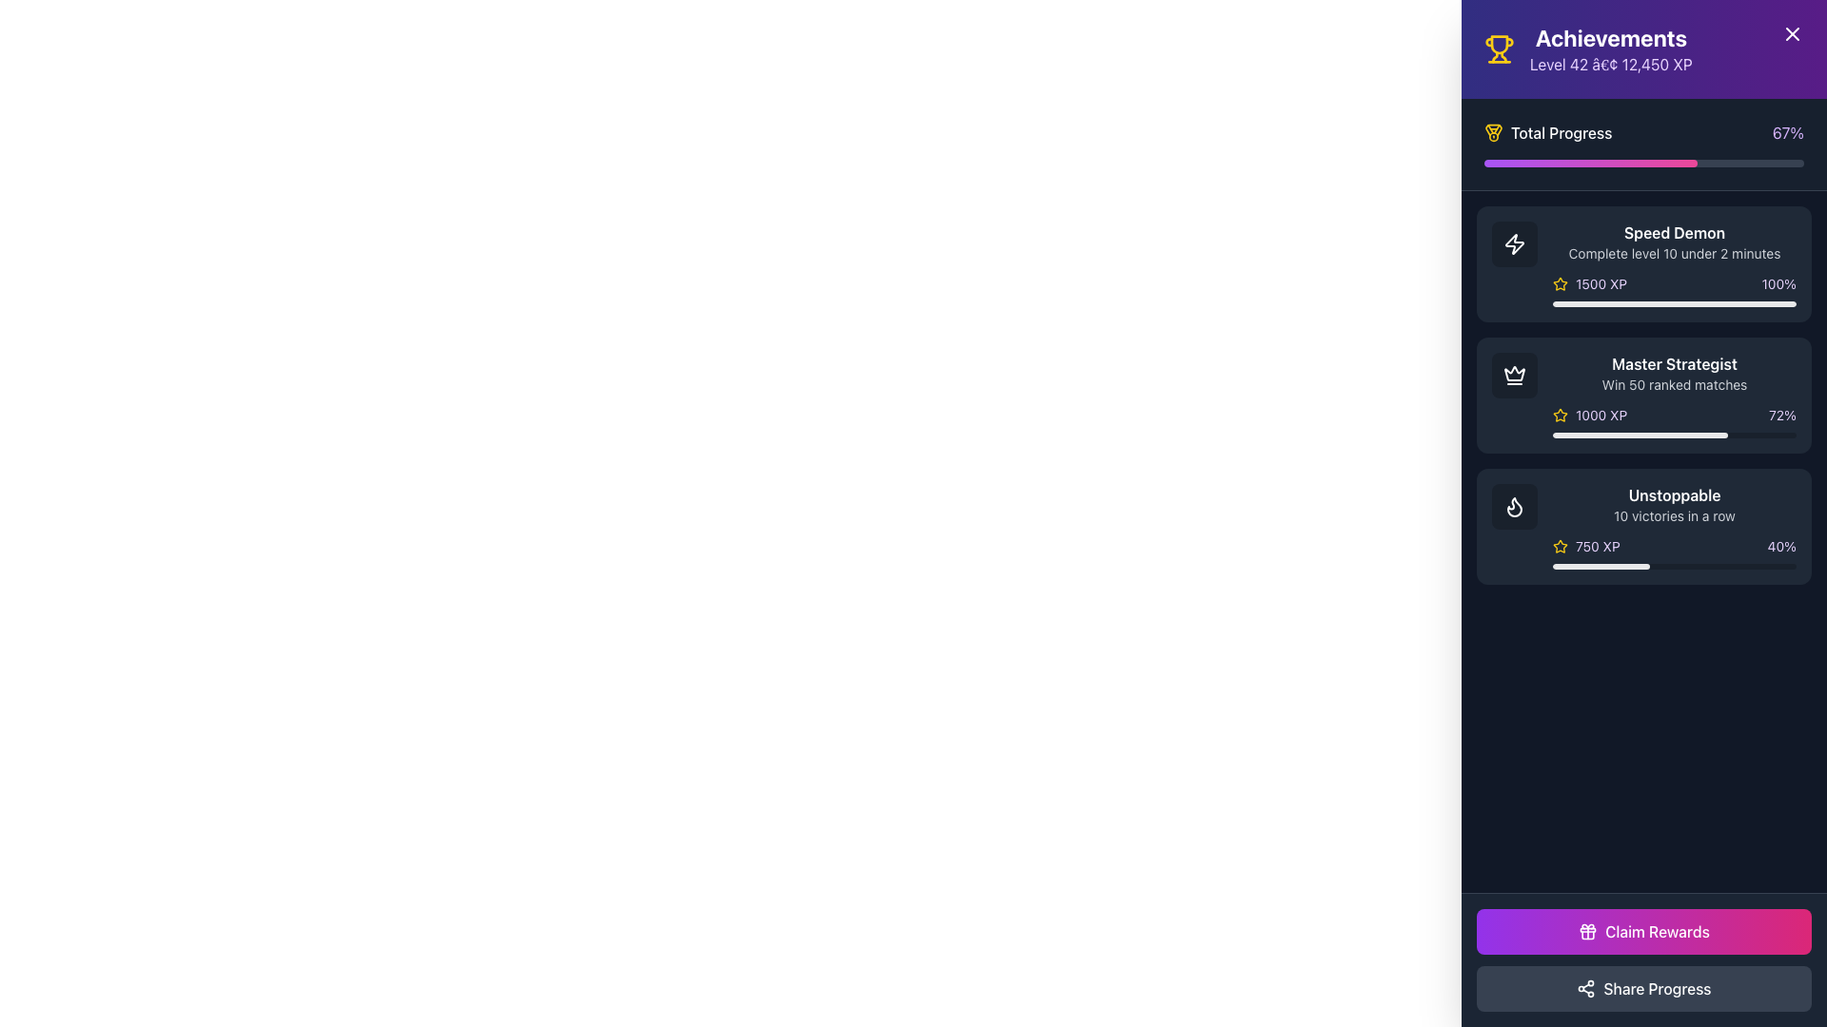  What do you see at coordinates (1675, 303) in the screenshot?
I see `the Progress Bar indicating the 'Speed Demon' achievement, which is located below the achievement section and spans horizontally across its width` at bounding box center [1675, 303].